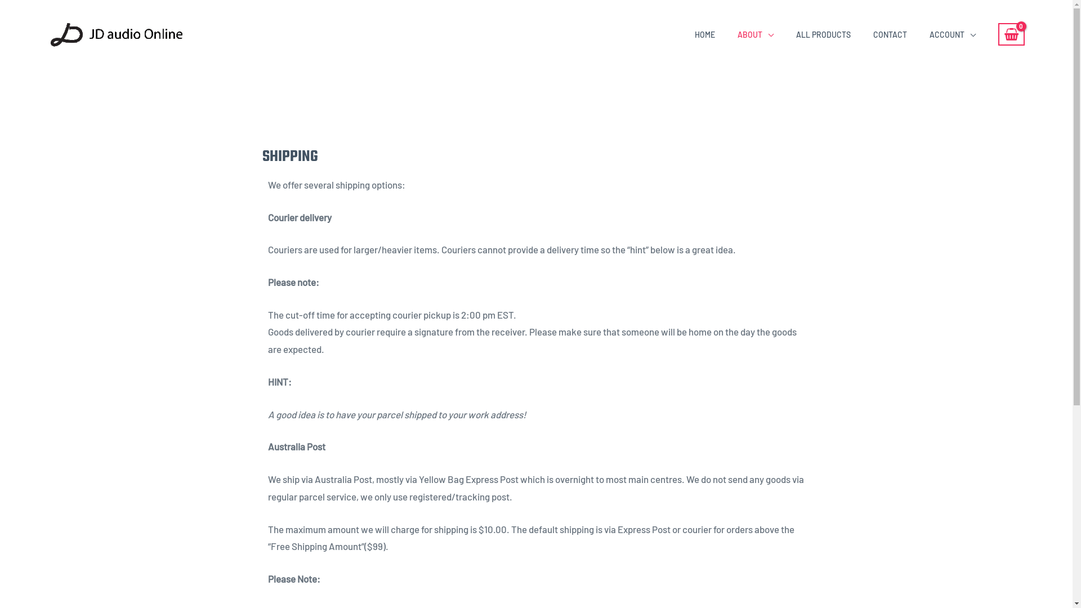 The width and height of the screenshot is (1081, 608). Describe the element at coordinates (952, 34) in the screenshot. I see `'ACCOUNT'` at that location.